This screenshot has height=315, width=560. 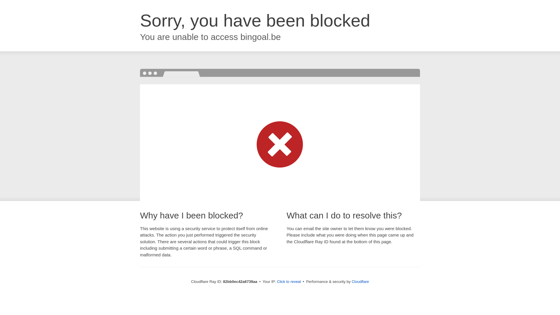 I want to click on 'Cloudflare', so click(x=360, y=281).